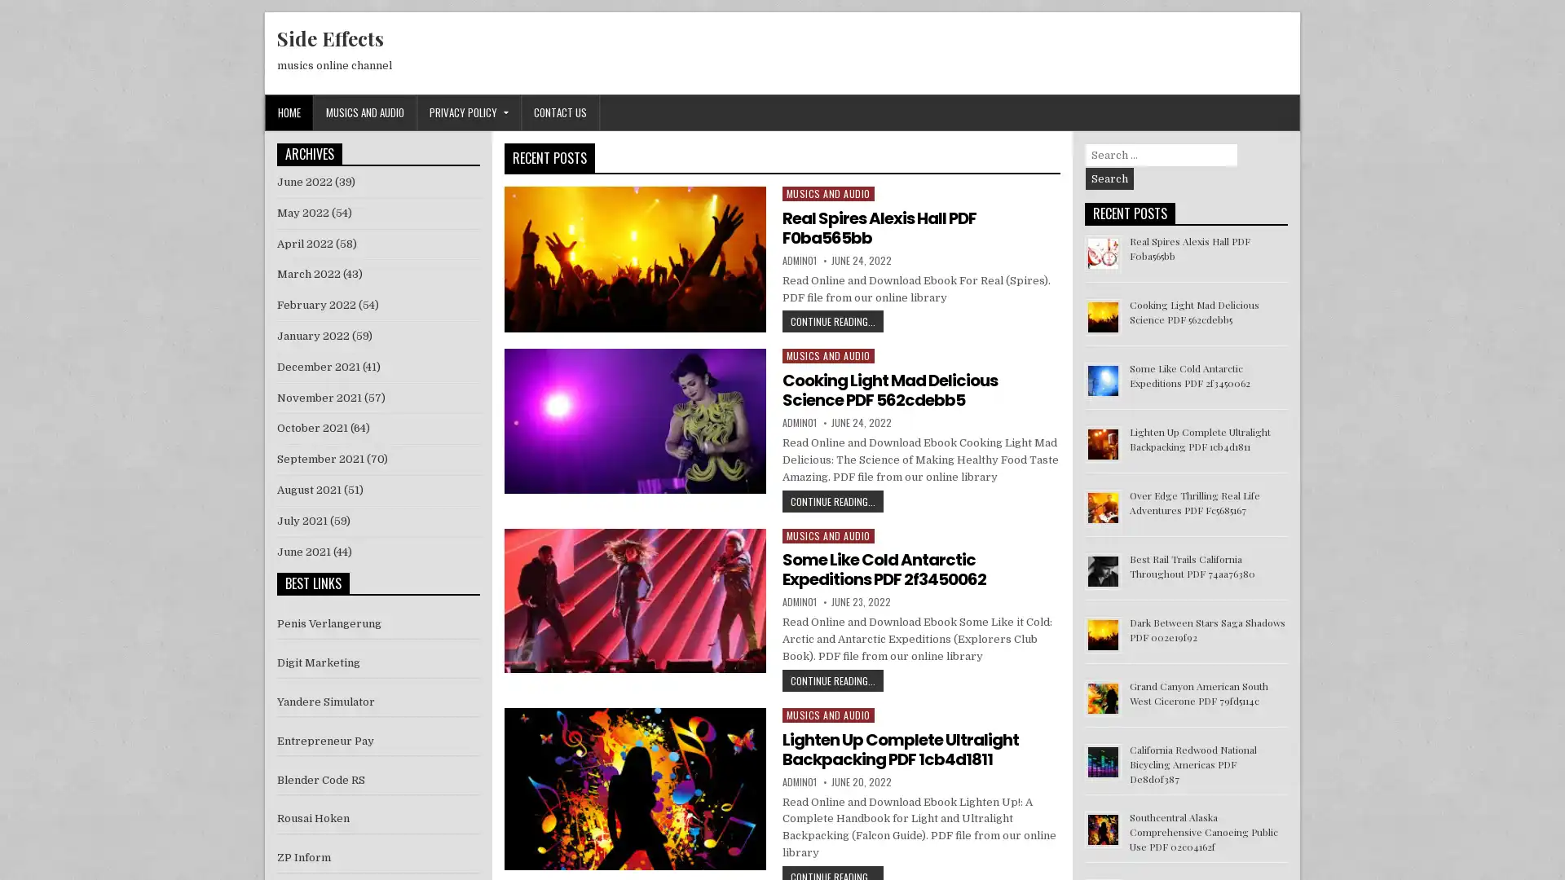  I want to click on Search, so click(1109, 178).